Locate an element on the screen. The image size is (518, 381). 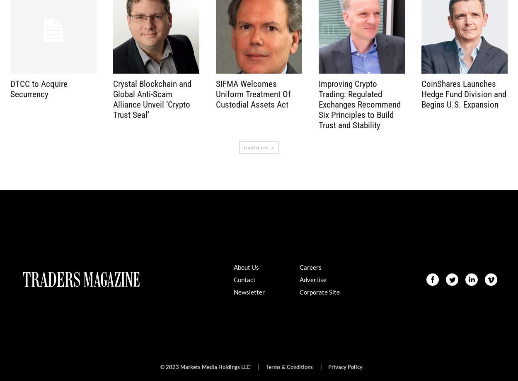
'Corporate Site' is located at coordinates (319, 292).